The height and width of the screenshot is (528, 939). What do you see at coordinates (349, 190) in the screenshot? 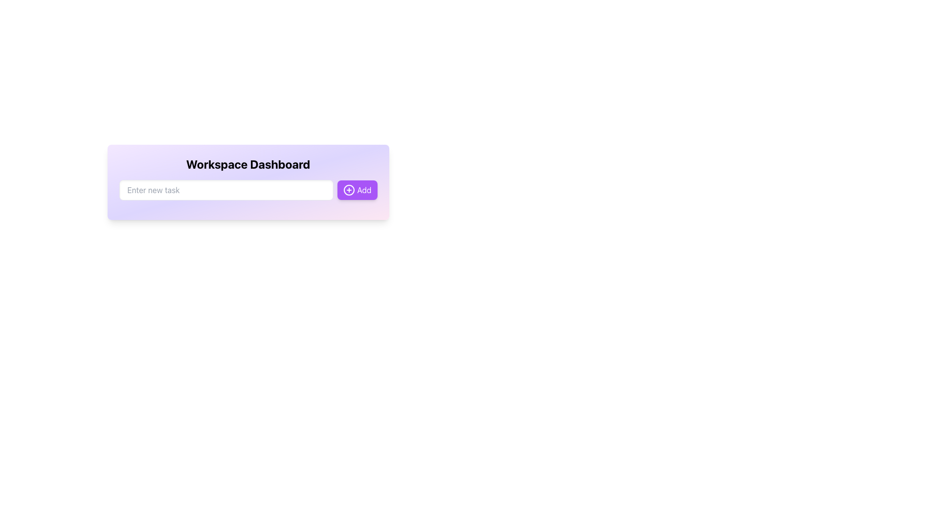
I see `the SVG-based 'Add' icon located to the left of the 'Add' text in the top-right corner of the task entry area` at bounding box center [349, 190].